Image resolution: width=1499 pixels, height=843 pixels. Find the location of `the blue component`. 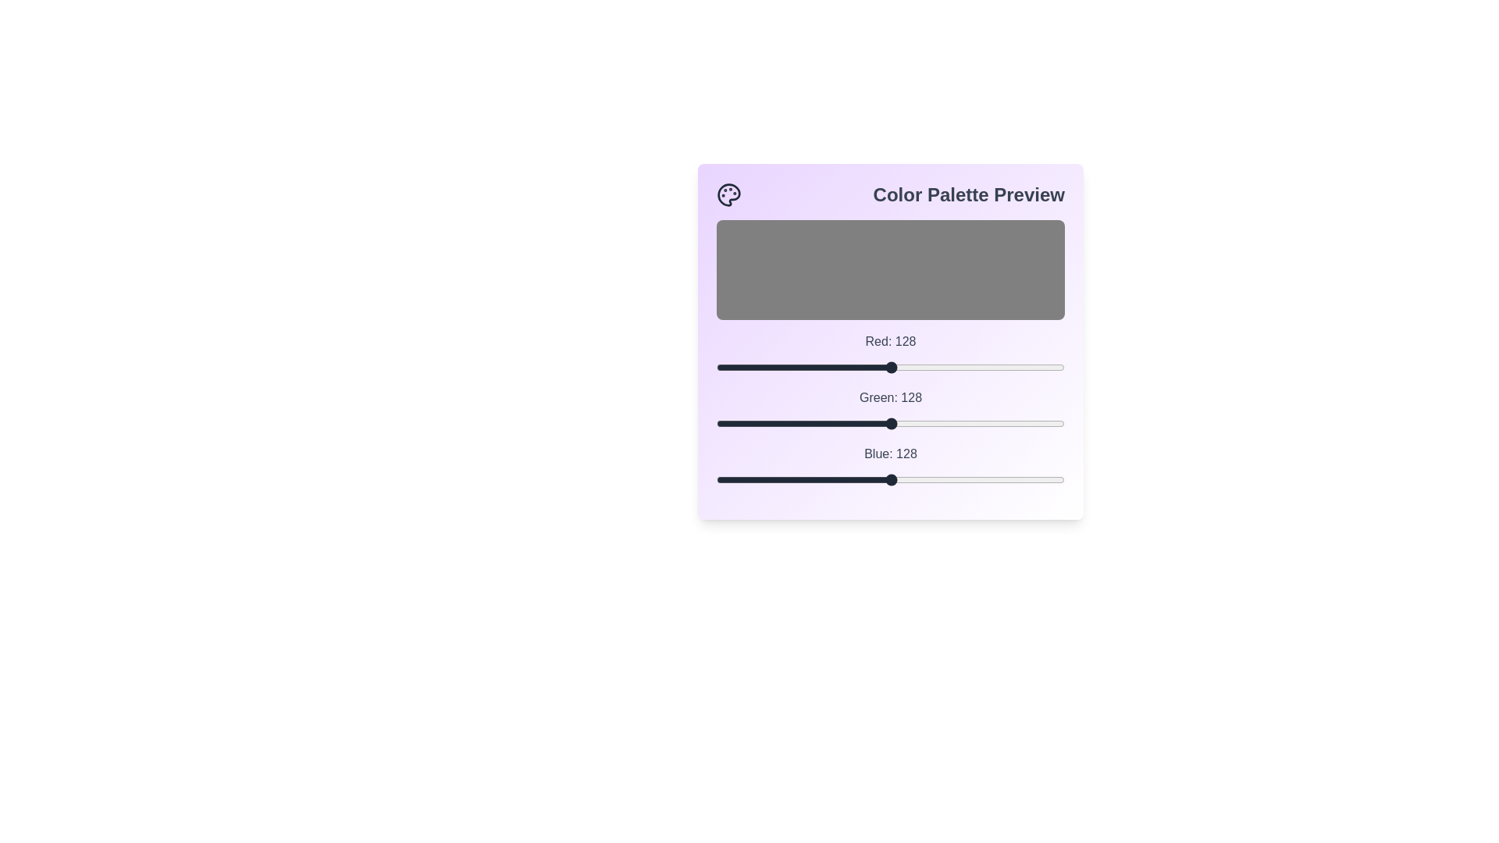

the blue component is located at coordinates (848, 478).